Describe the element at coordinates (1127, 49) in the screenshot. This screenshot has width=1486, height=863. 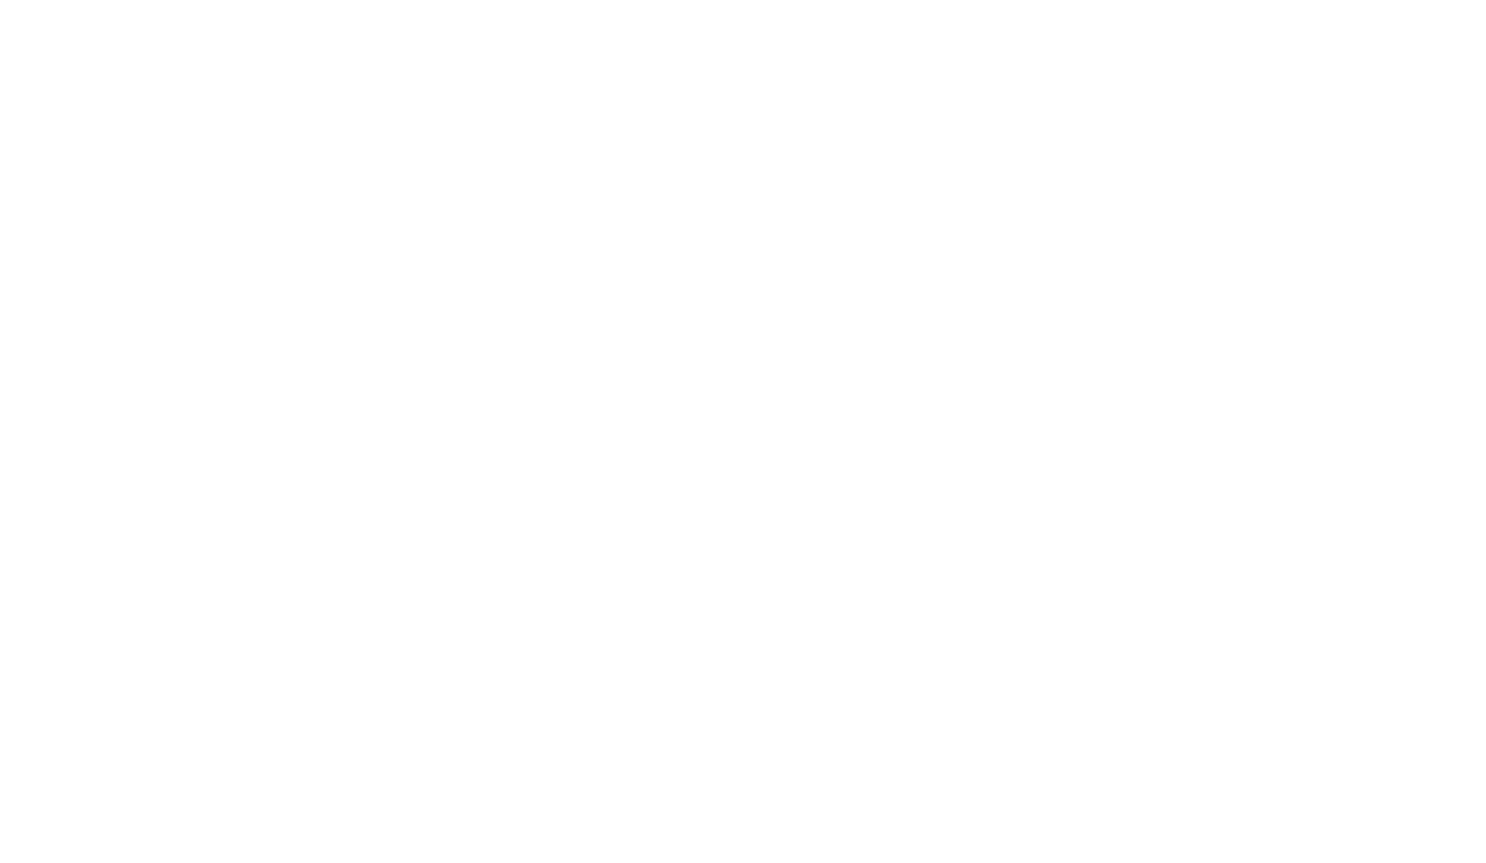
I see `'madeira'` at that location.